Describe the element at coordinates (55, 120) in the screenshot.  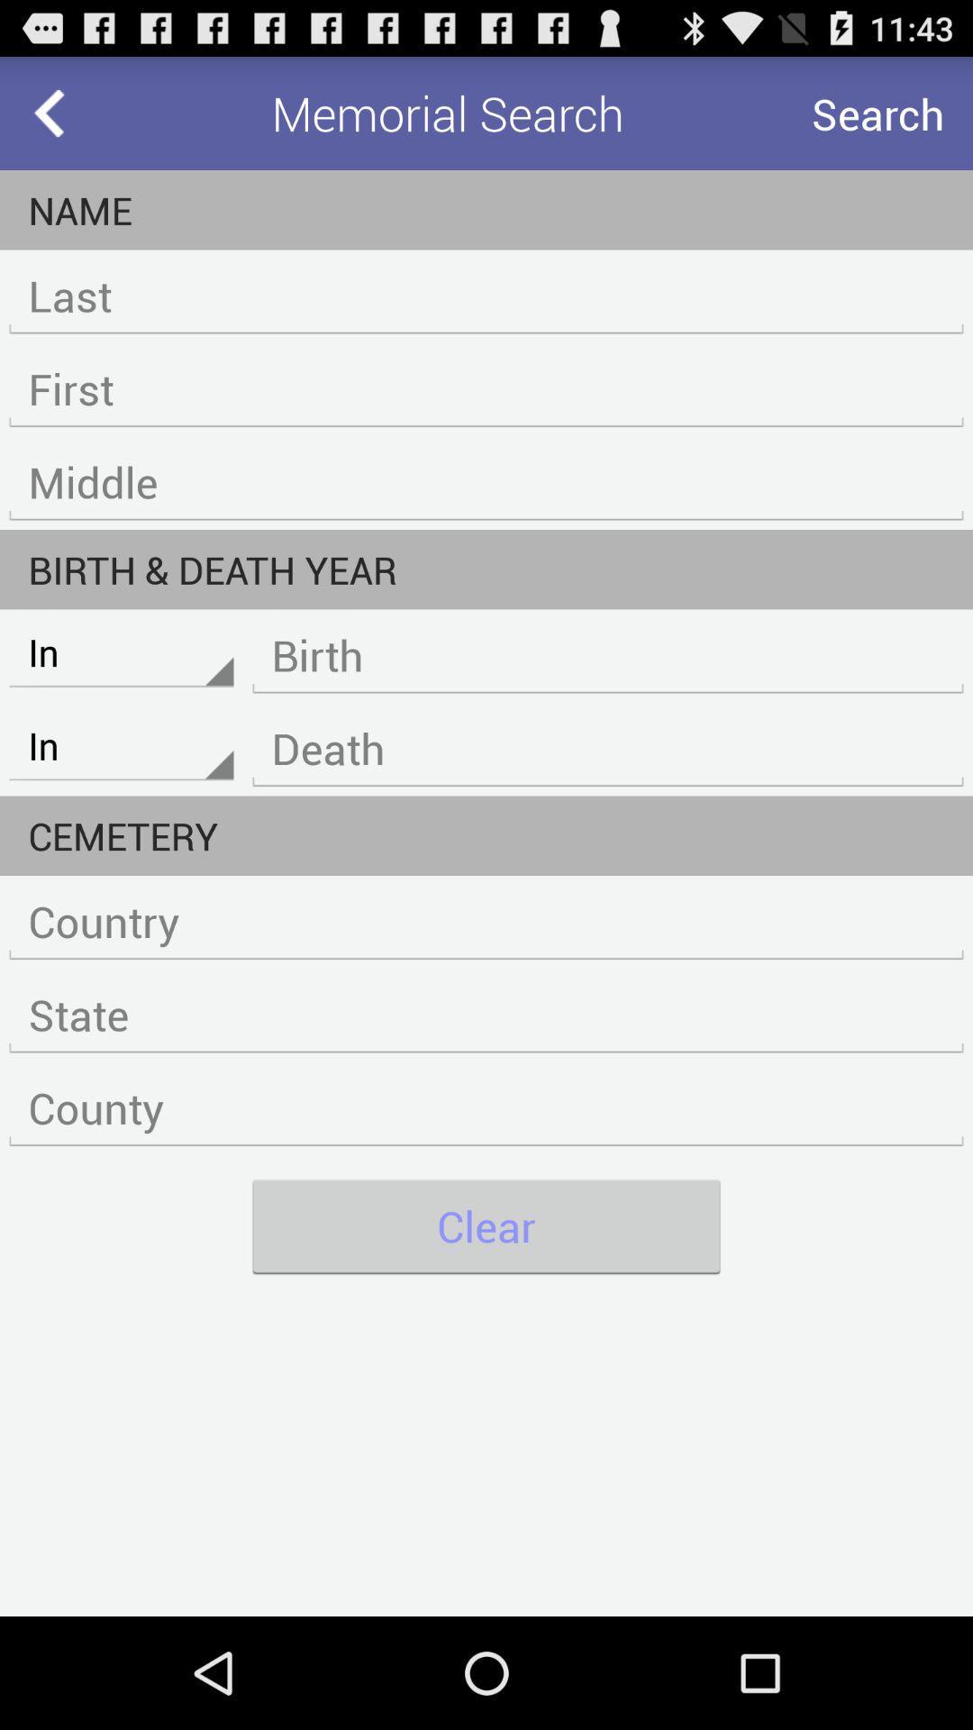
I see `the arrow_backward icon` at that location.